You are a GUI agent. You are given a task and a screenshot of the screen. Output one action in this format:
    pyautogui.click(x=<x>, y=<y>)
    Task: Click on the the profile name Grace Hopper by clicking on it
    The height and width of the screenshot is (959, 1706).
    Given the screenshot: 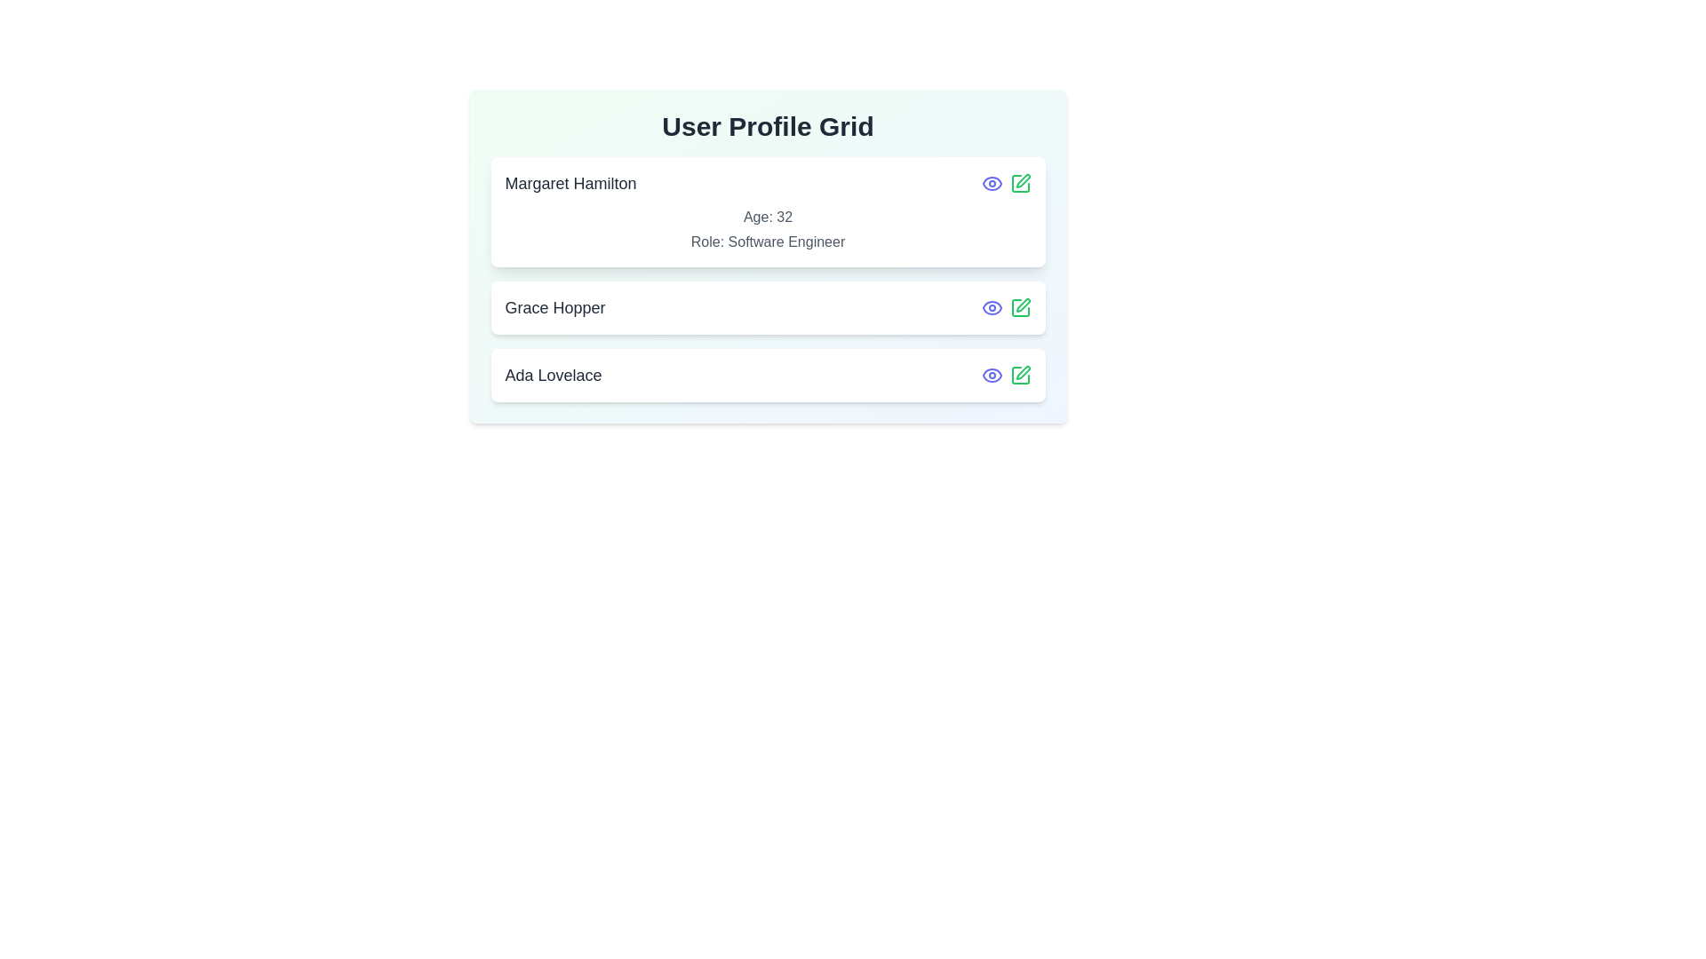 What is the action you would take?
    pyautogui.click(x=554, y=307)
    